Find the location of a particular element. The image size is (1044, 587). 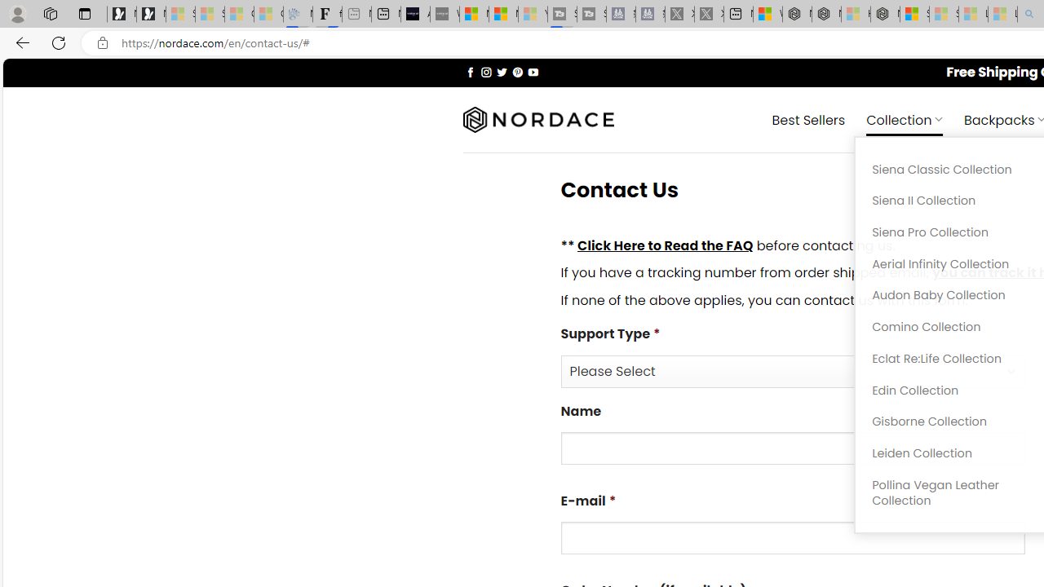

'Follow on Twitter' is located at coordinates (501, 71).